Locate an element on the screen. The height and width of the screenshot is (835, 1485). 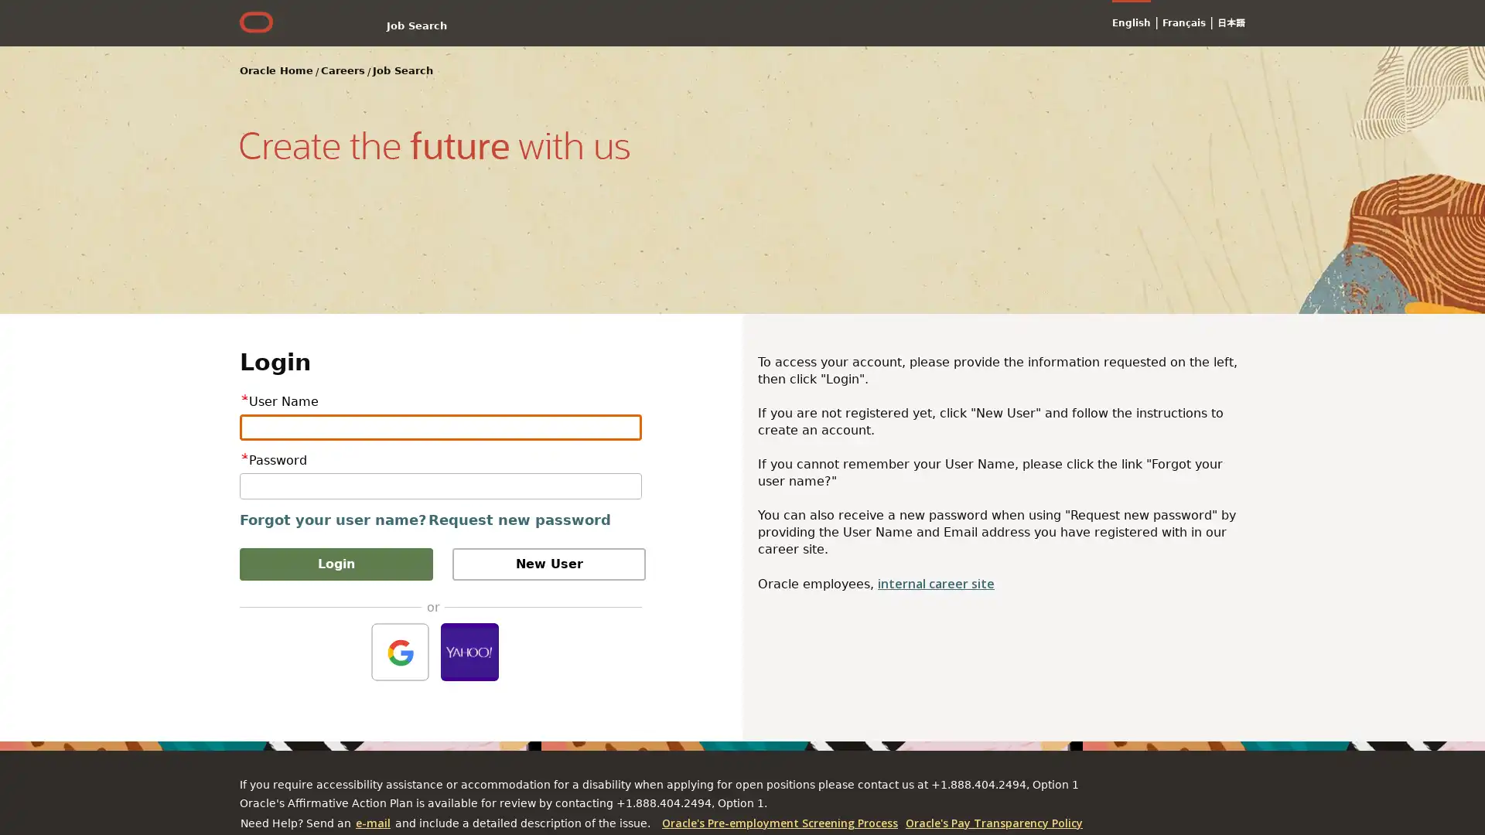
New User is located at coordinates (549, 564).